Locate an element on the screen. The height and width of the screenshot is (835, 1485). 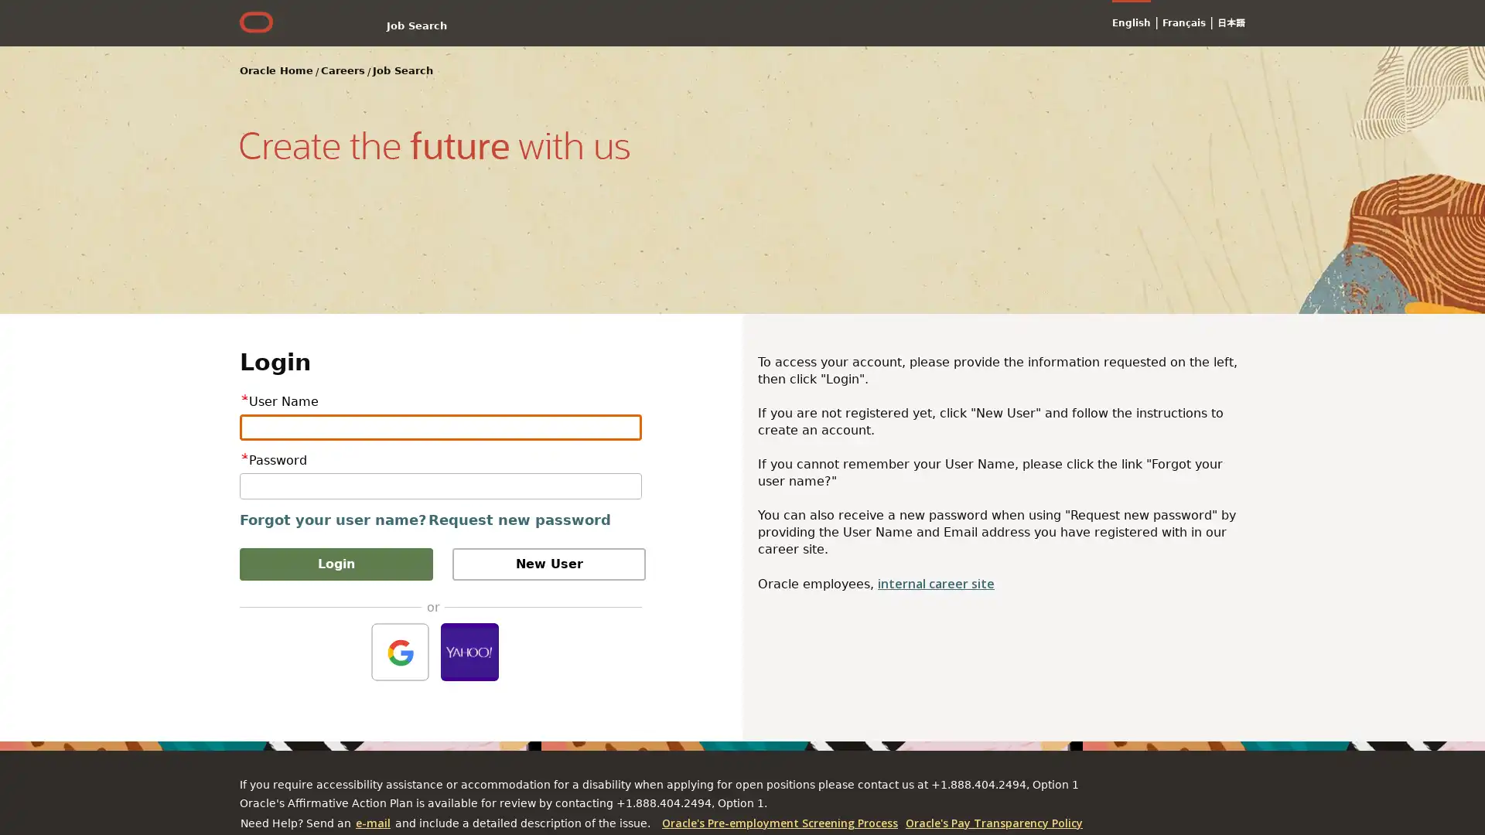
New User is located at coordinates (549, 564).